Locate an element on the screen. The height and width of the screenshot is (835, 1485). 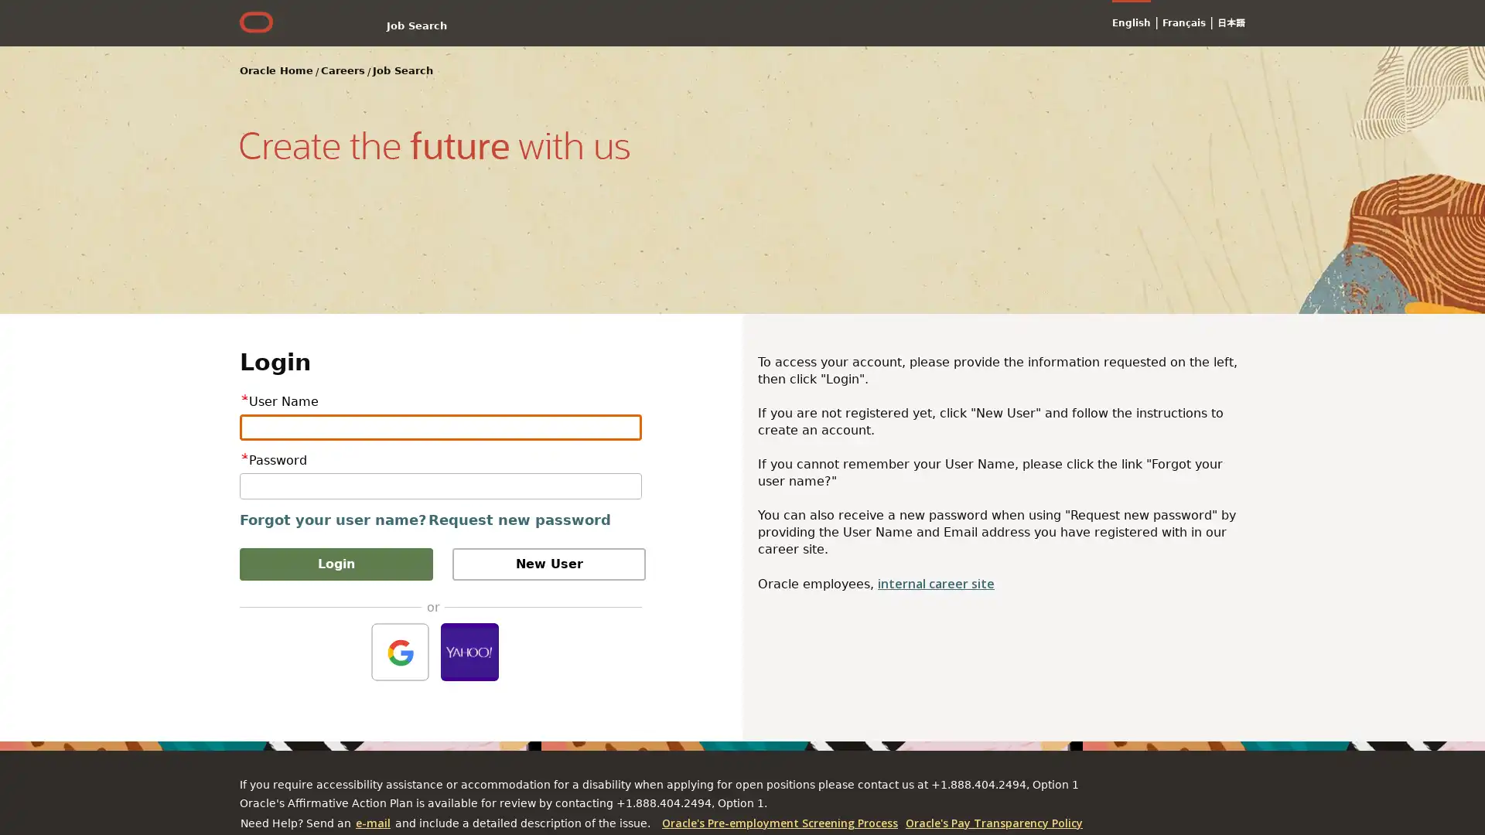
New User is located at coordinates (549, 564).